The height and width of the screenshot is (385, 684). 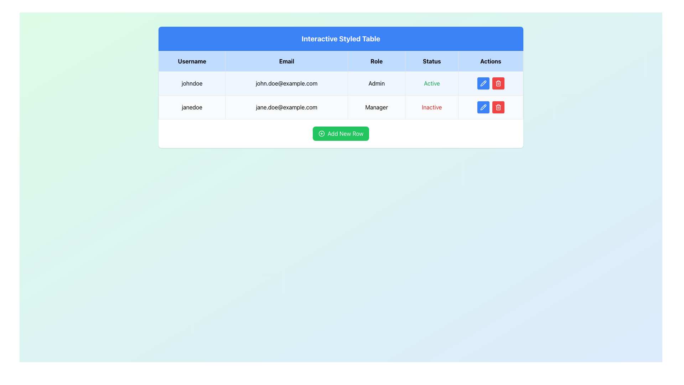 What do you see at coordinates (498, 83) in the screenshot?
I see `the delete button in the Actions column of the second row` at bounding box center [498, 83].